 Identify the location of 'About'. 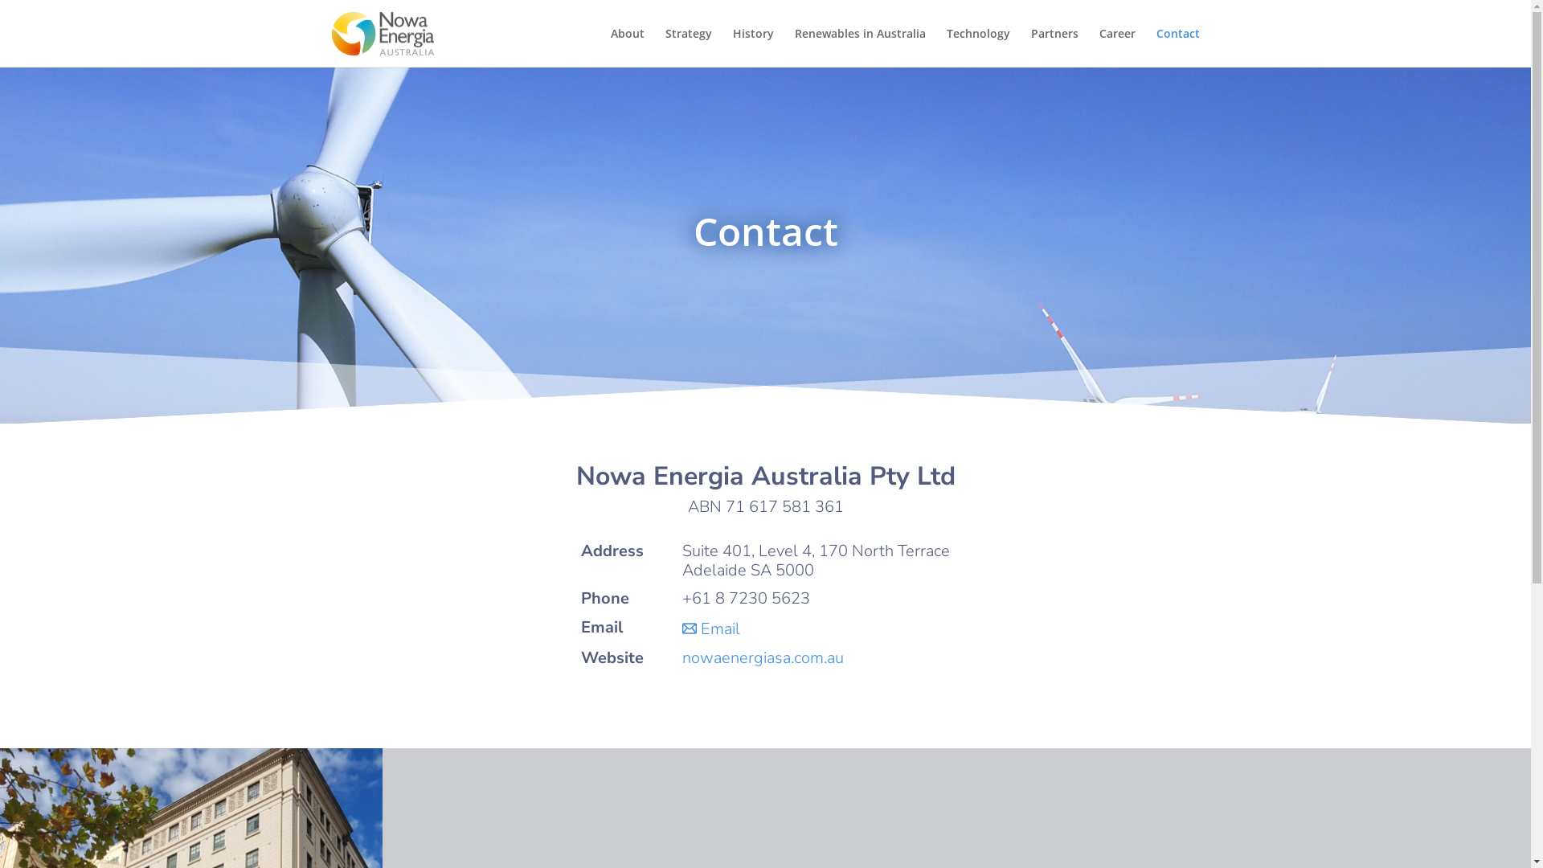
(609, 47).